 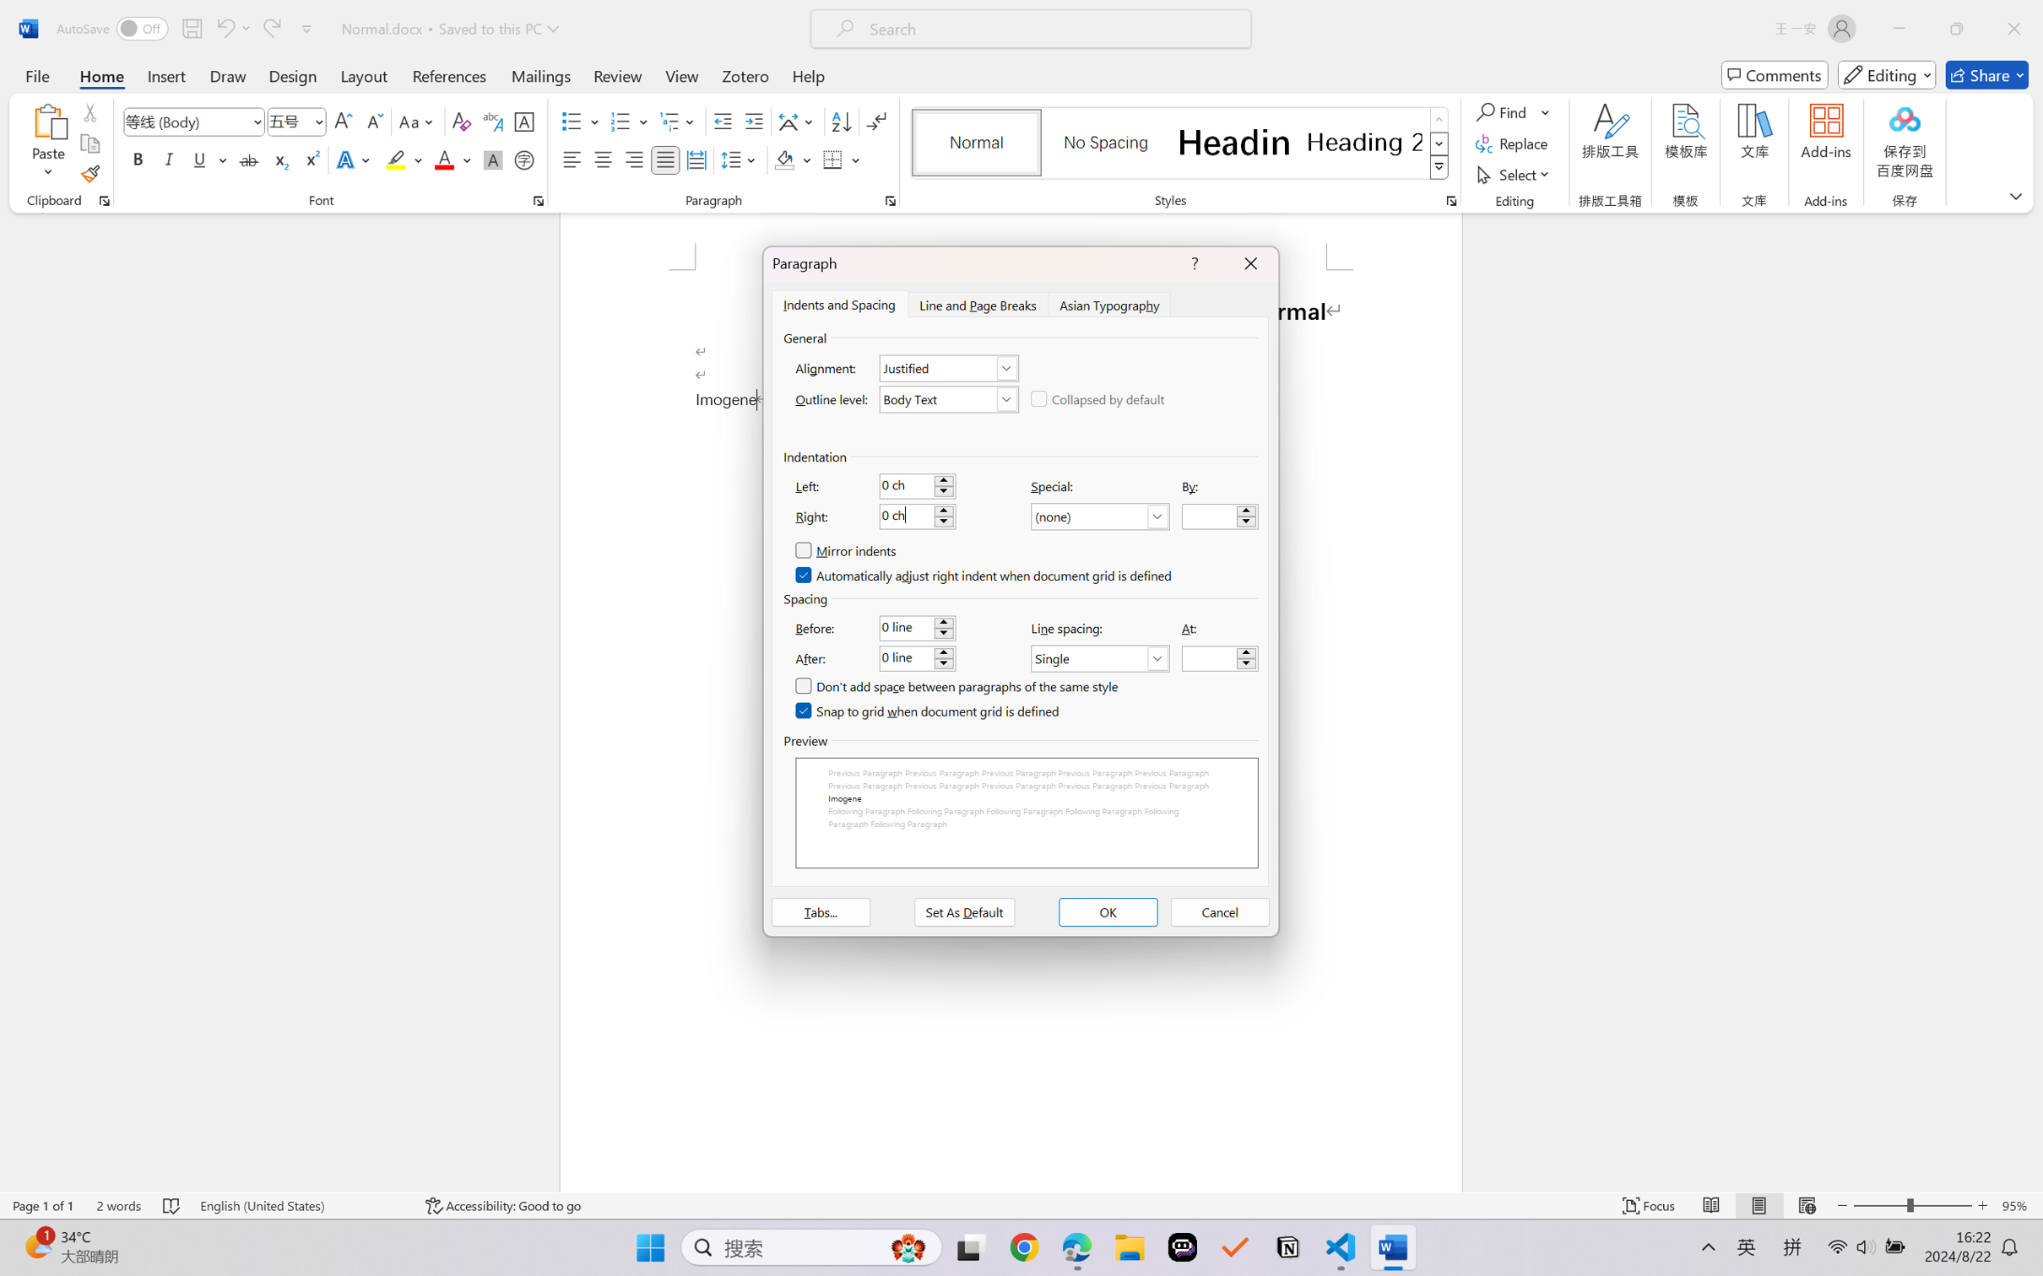 What do you see at coordinates (1364, 142) in the screenshot?
I see `'Heading 2'` at bounding box center [1364, 142].